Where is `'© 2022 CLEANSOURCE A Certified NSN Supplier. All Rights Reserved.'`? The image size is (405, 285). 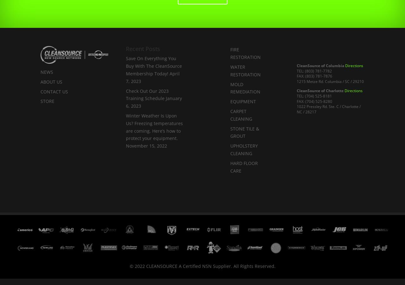
'© 2022 CLEANSOURCE A Certified NSN Supplier. All Rights Reserved.' is located at coordinates (202, 266).